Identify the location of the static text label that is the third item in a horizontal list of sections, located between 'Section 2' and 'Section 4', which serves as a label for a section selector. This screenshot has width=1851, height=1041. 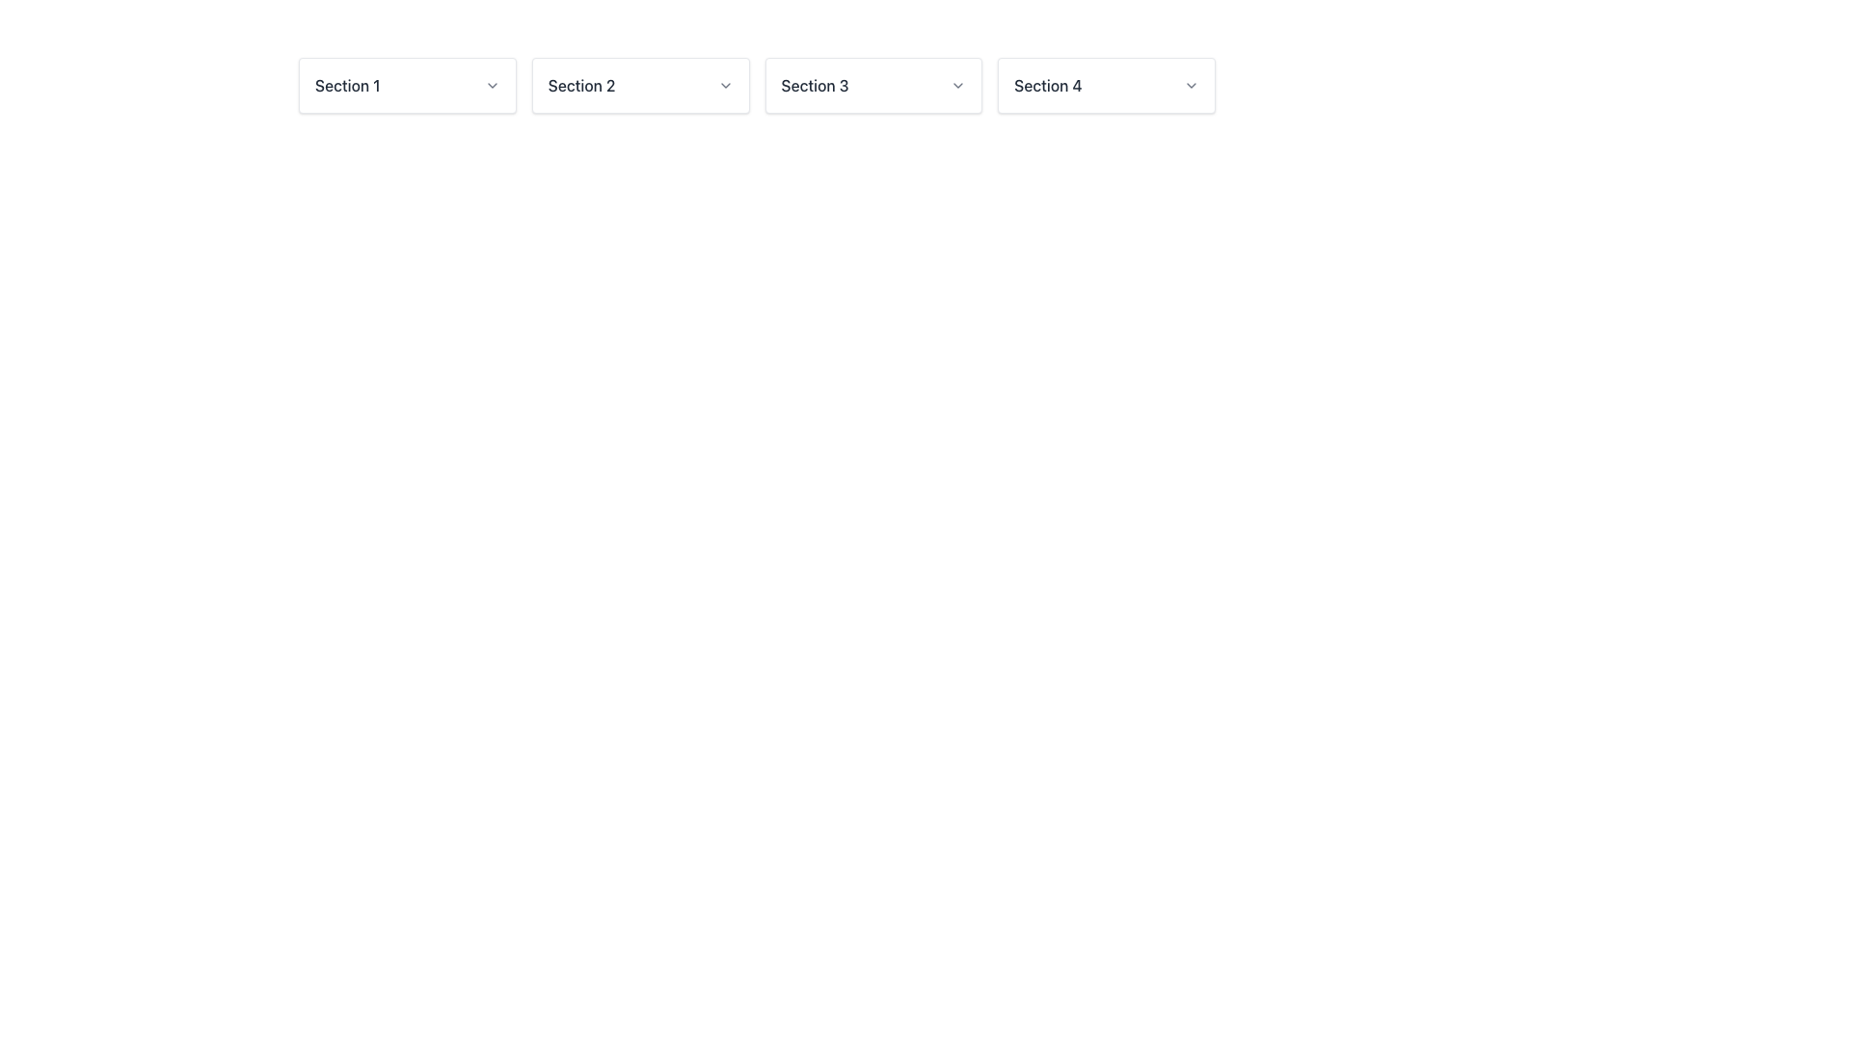
(815, 84).